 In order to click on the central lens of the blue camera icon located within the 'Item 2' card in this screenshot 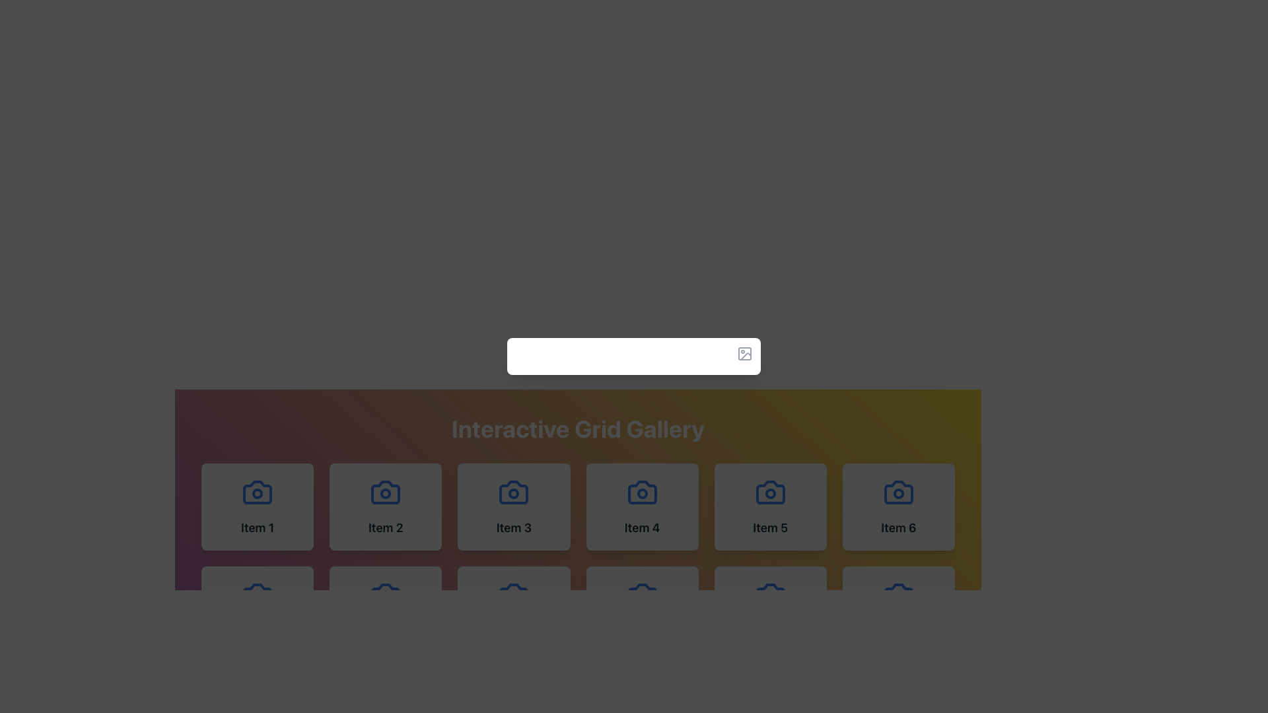, I will do `click(385, 492)`.